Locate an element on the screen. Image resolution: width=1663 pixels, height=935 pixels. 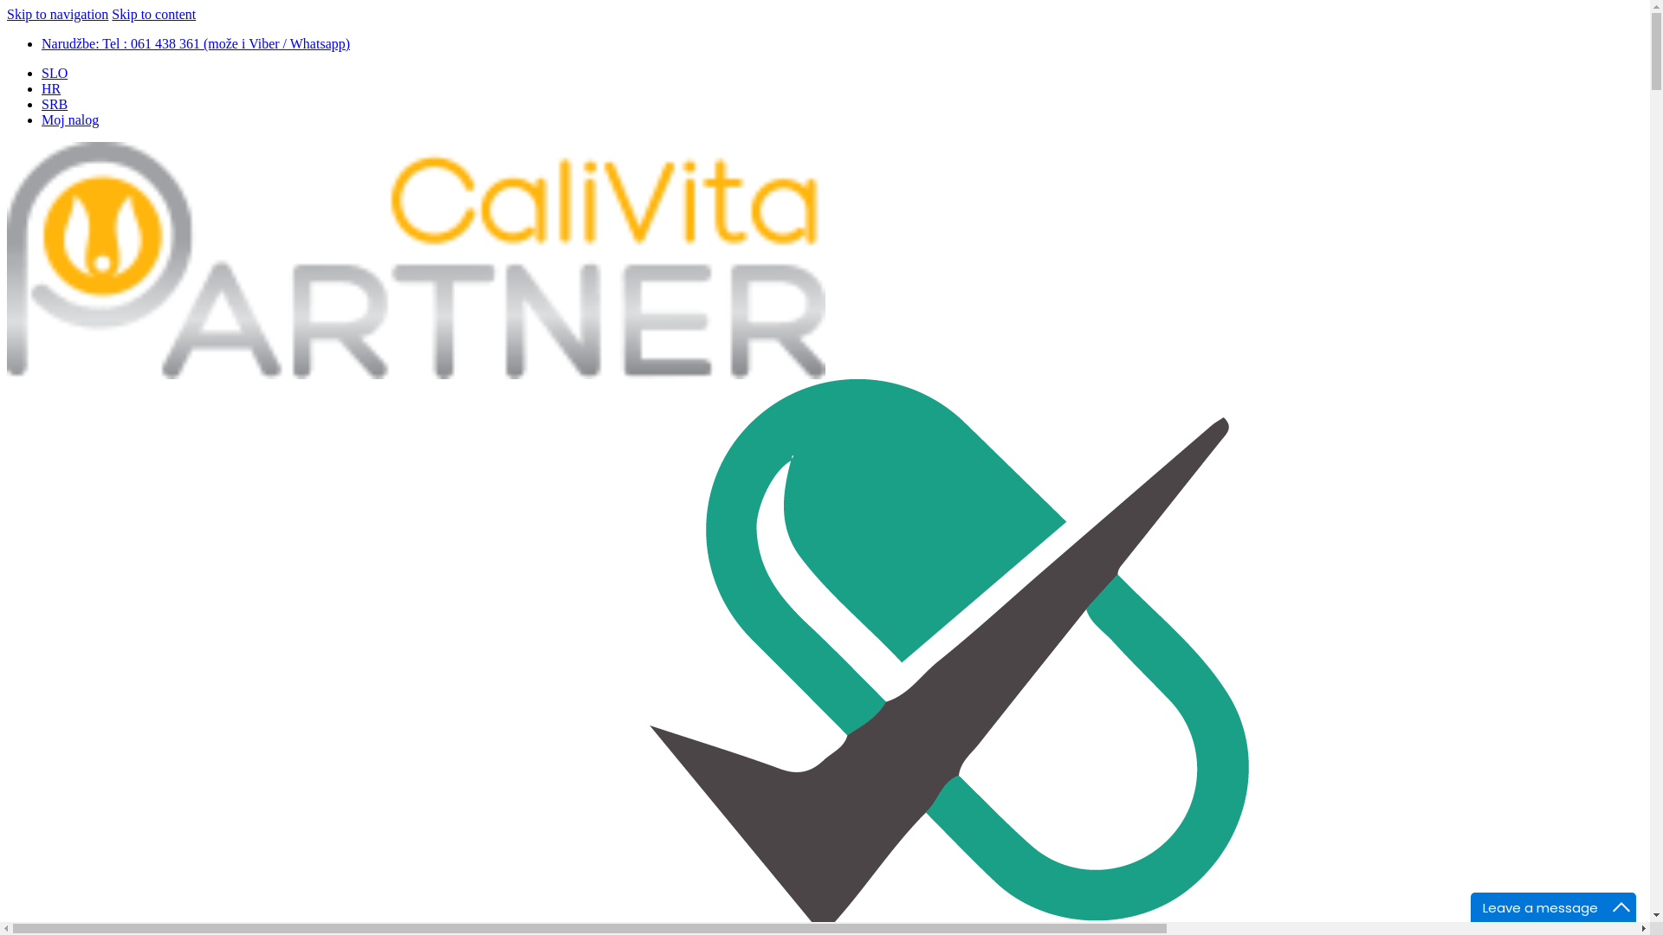
'Moj nalog' is located at coordinates (69, 119).